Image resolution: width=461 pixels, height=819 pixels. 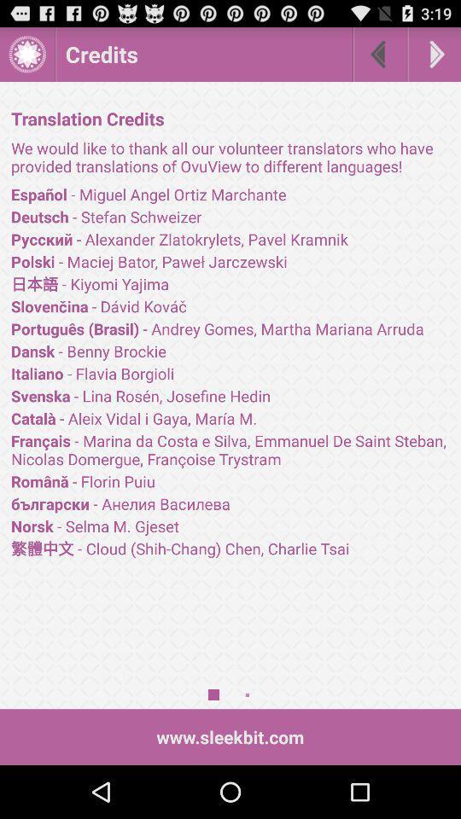 I want to click on the arrow_forward icon, so click(x=435, y=58).